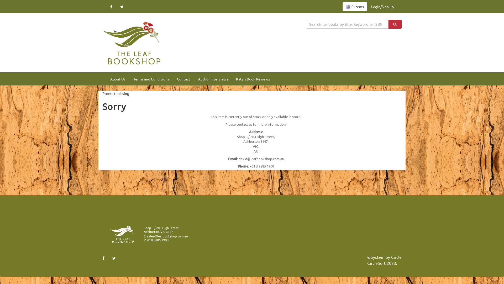 The width and height of the screenshot is (504, 284). What do you see at coordinates (355, 6) in the screenshot?
I see `'0 items'` at bounding box center [355, 6].